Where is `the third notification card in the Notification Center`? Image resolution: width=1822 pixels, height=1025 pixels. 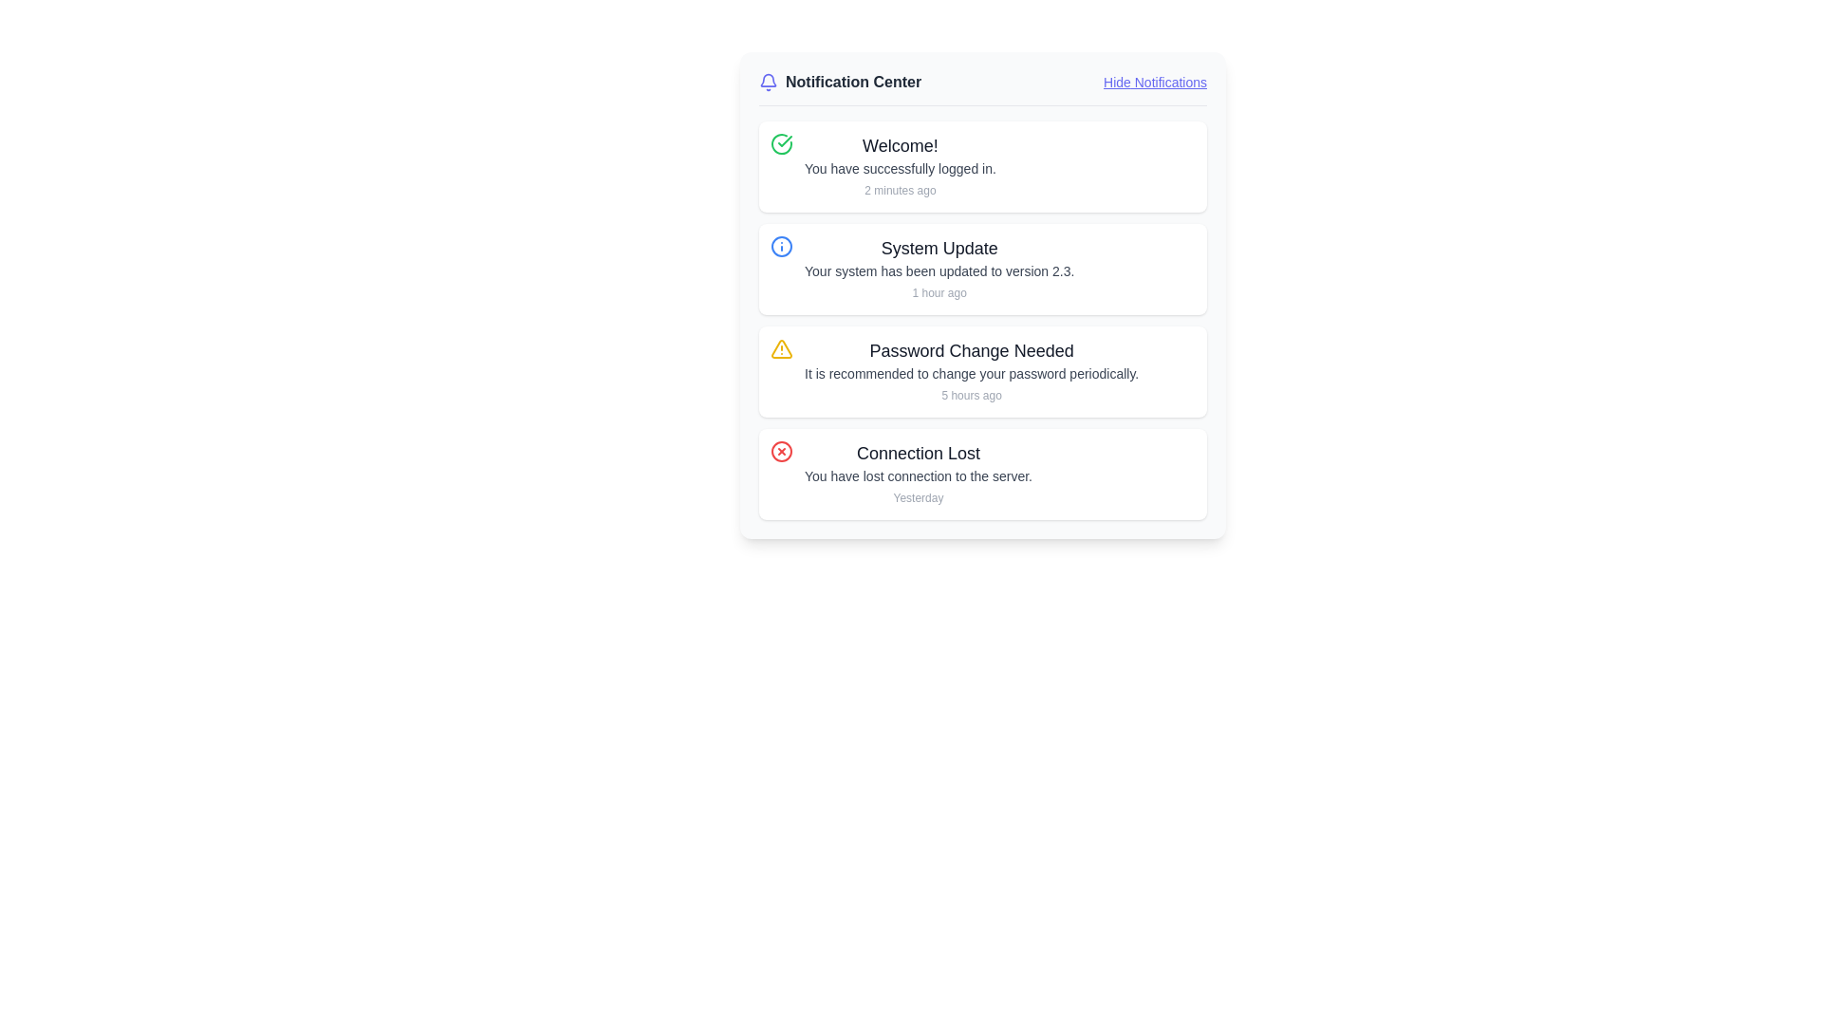
the third notification card in the Notification Center is located at coordinates (983, 320).